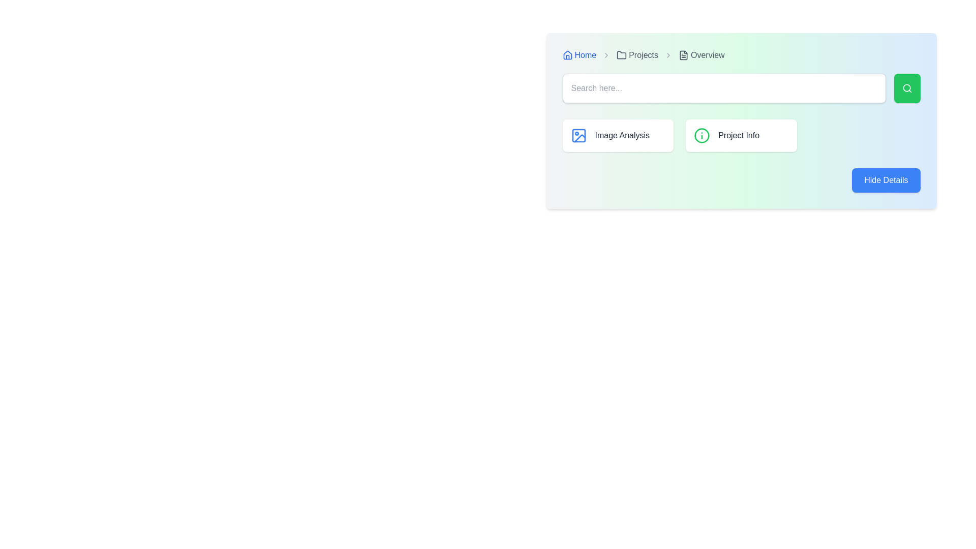 This screenshot has width=976, height=549. What do you see at coordinates (567, 55) in the screenshot?
I see `the blue outlined house icon next to the 'Home' text in the breadcrumb navigation bar` at bounding box center [567, 55].